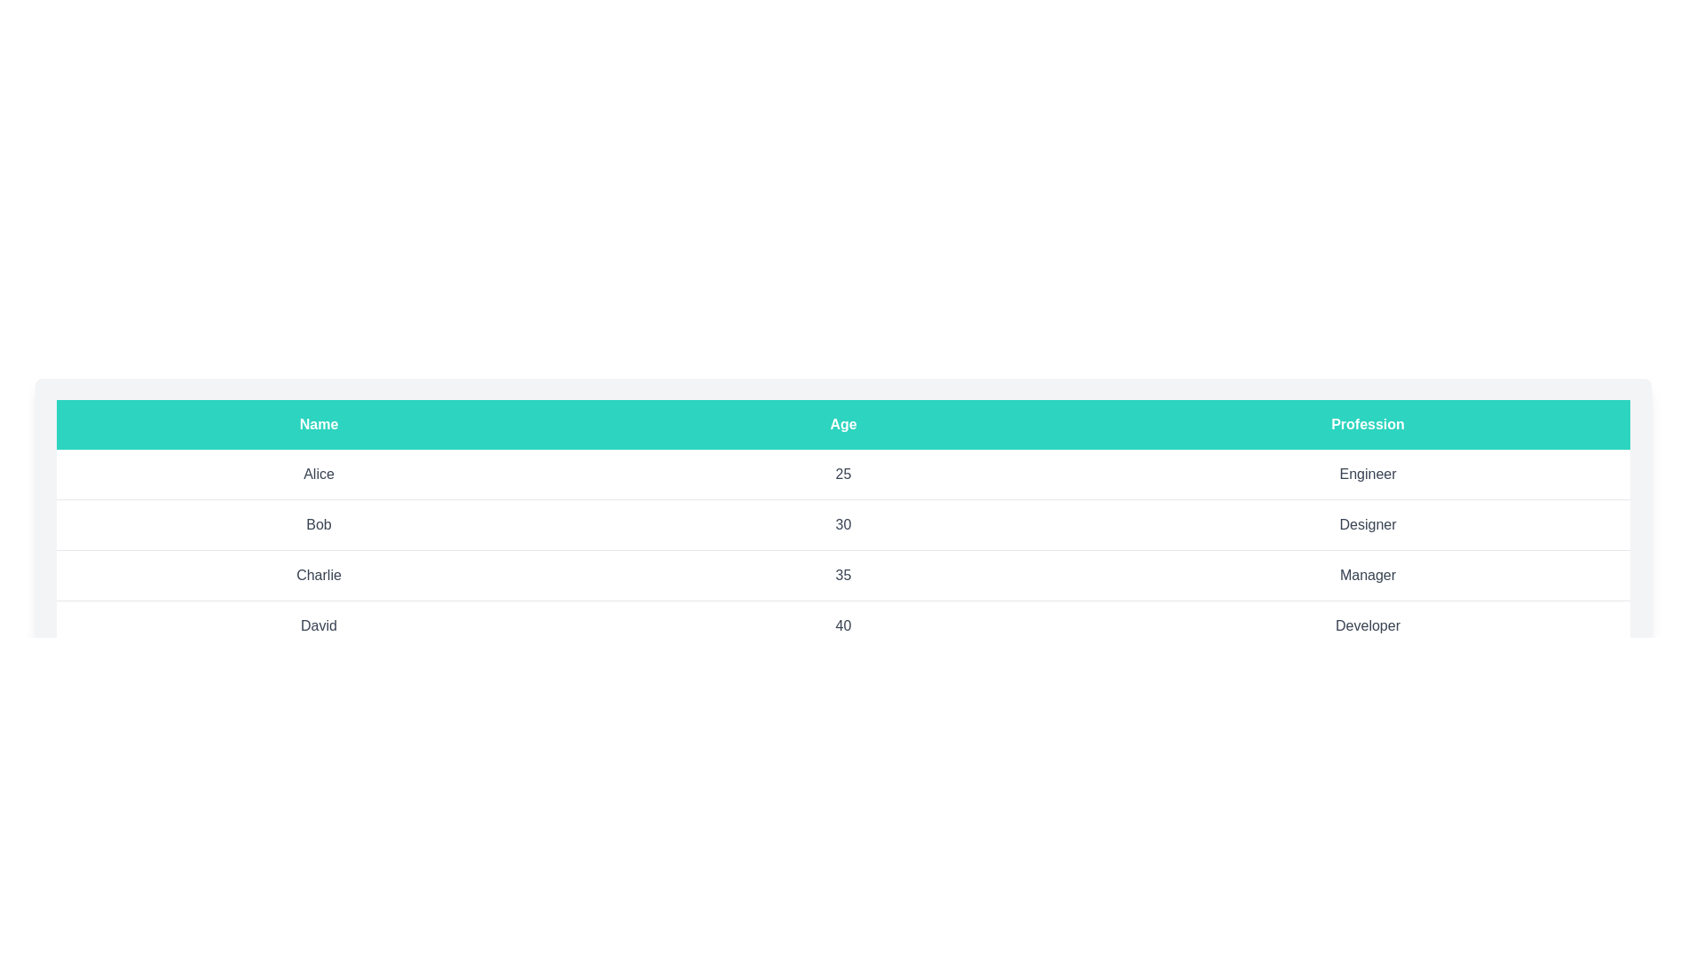 Image resolution: width=1704 pixels, height=958 pixels. Describe the element at coordinates (319, 624) in the screenshot. I see `the Text element displaying the name 'David' in the leftmost column of the last row of the table, which is aligned with '40' and 'Developer'` at that location.